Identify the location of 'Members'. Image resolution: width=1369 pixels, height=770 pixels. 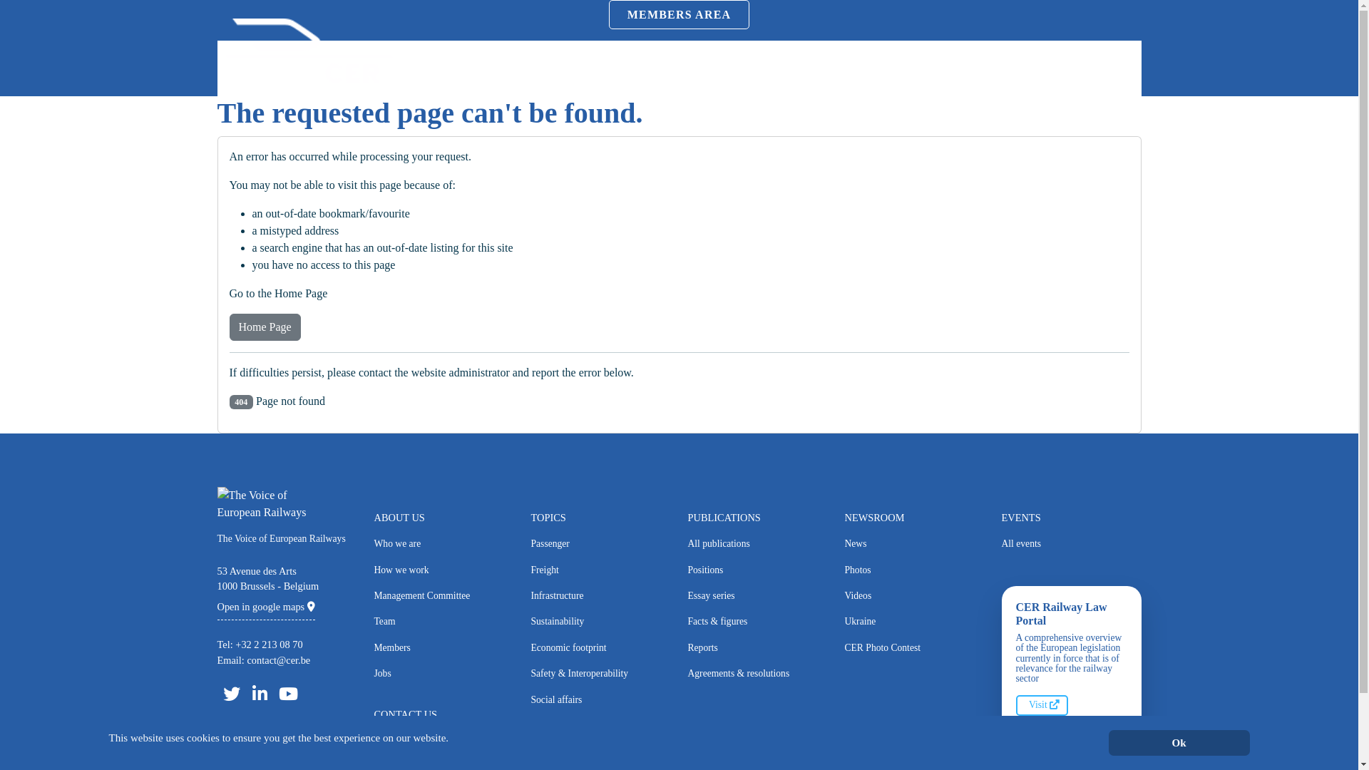
(373, 648).